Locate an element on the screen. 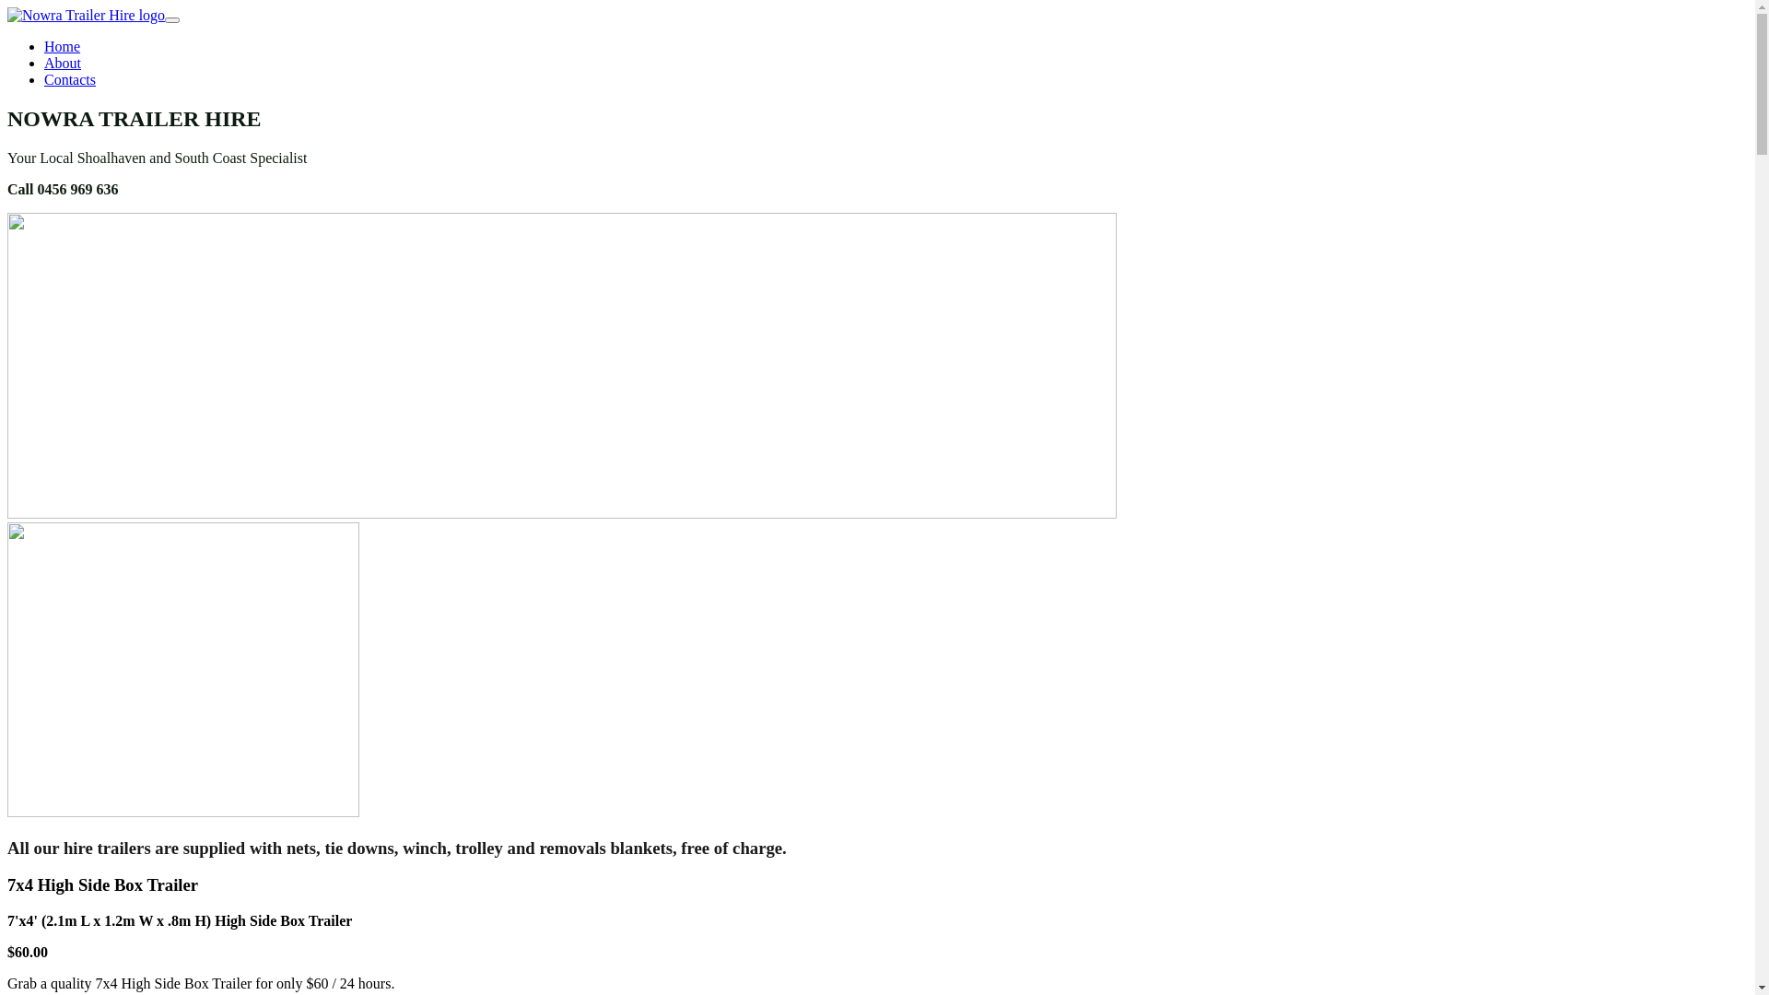 The width and height of the screenshot is (1769, 995). 'Home' is located at coordinates (62, 45).